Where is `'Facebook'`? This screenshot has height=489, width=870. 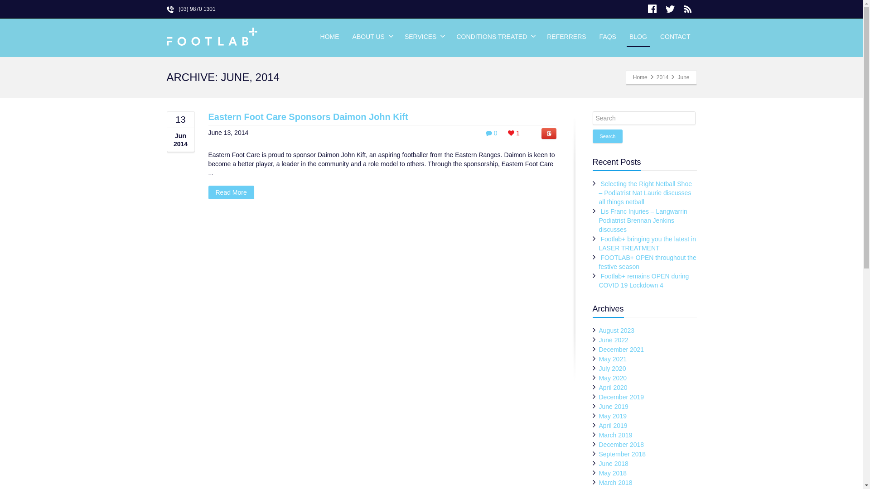 'Facebook' is located at coordinates (652, 9).